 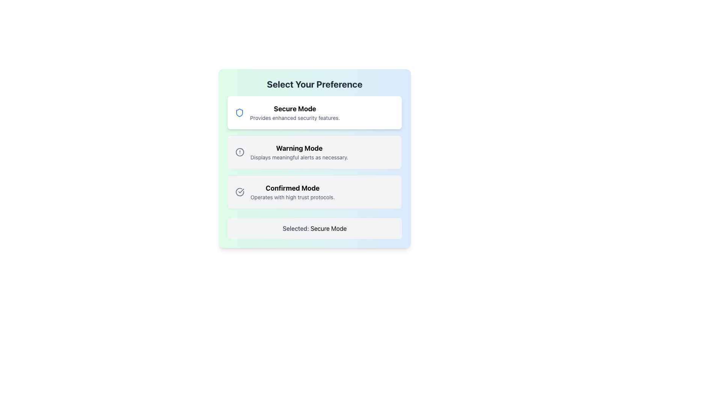 I want to click on the Textual Option Label titled 'Warning Mode', which is the second option in the vertical stack of three sections below 'Select Your Preference', so click(x=299, y=152).